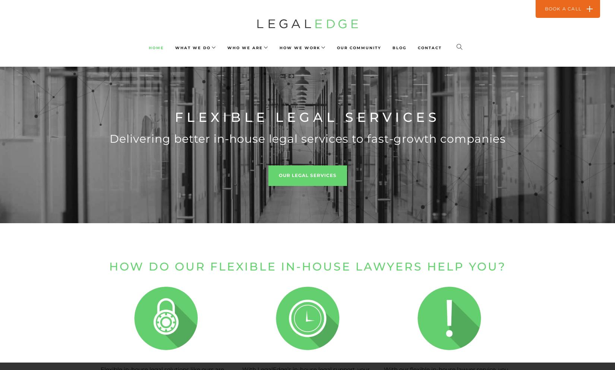  What do you see at coordinates (346, 51) in the screenshot?
I see `'.'` at bounding box center [346, 51].